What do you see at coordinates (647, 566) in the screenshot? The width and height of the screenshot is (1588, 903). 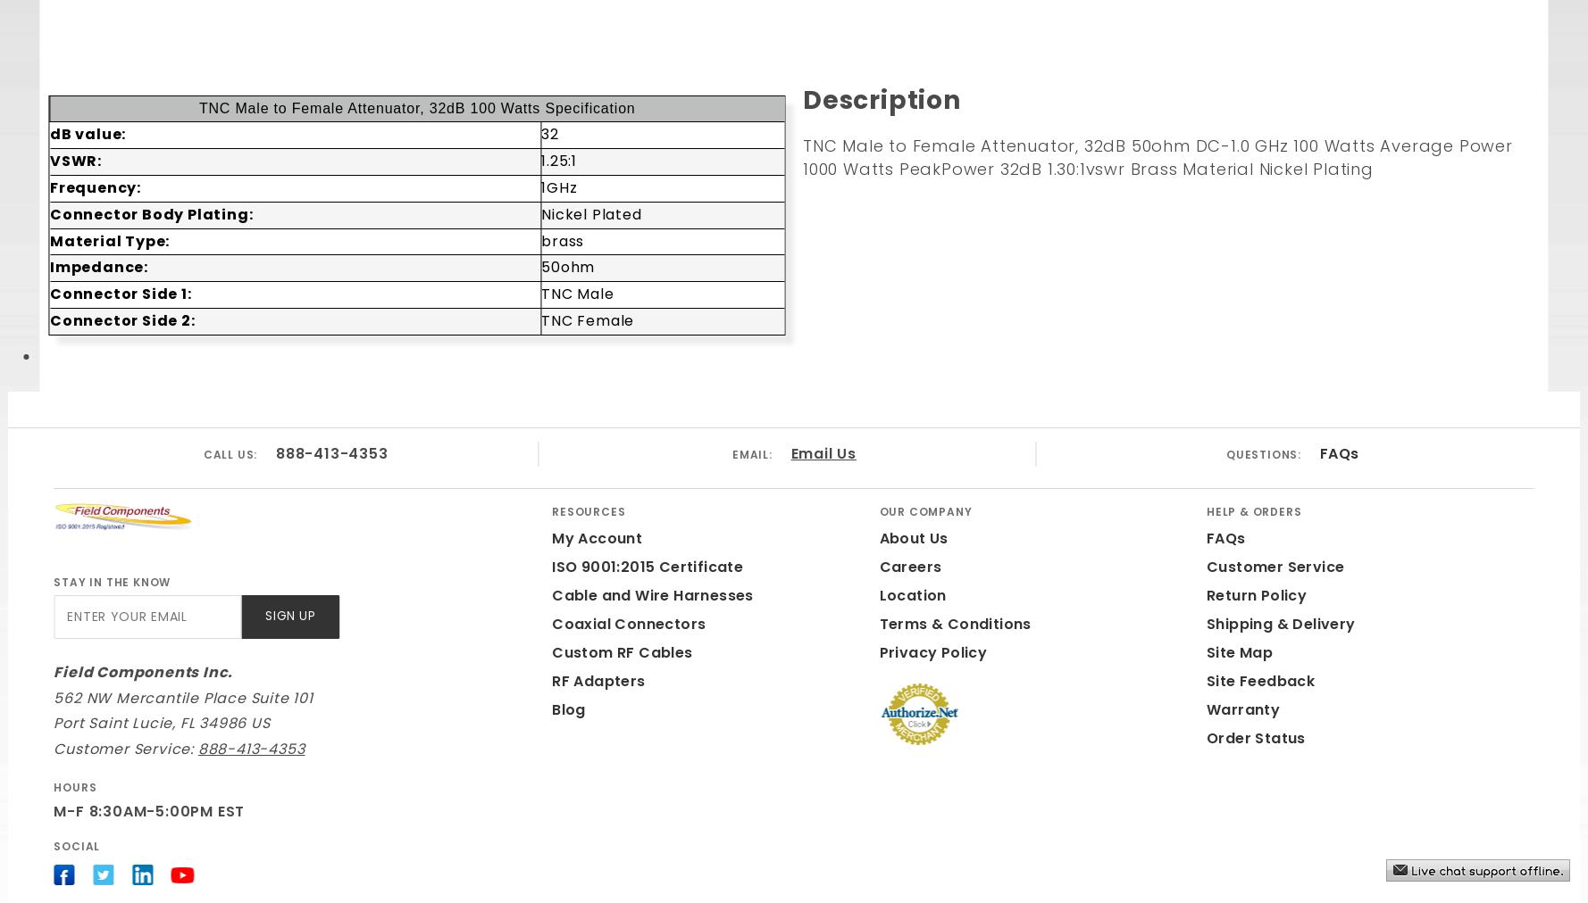 I see `'ISO 9001:2015 Certificate'` at bounding box center [647, 566].